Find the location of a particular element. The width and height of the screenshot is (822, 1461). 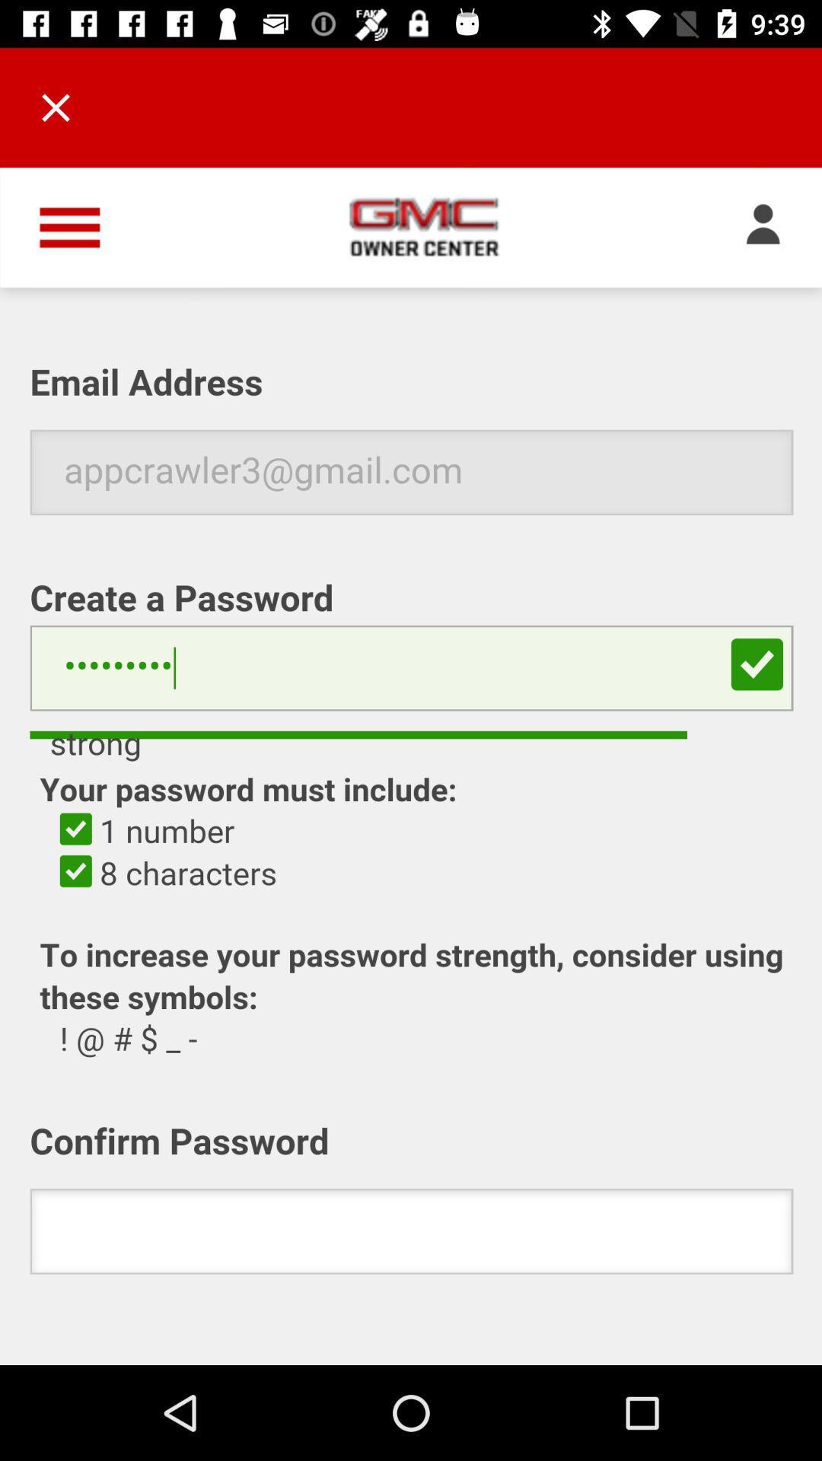

the close icon is located at coordinates (55, 107).